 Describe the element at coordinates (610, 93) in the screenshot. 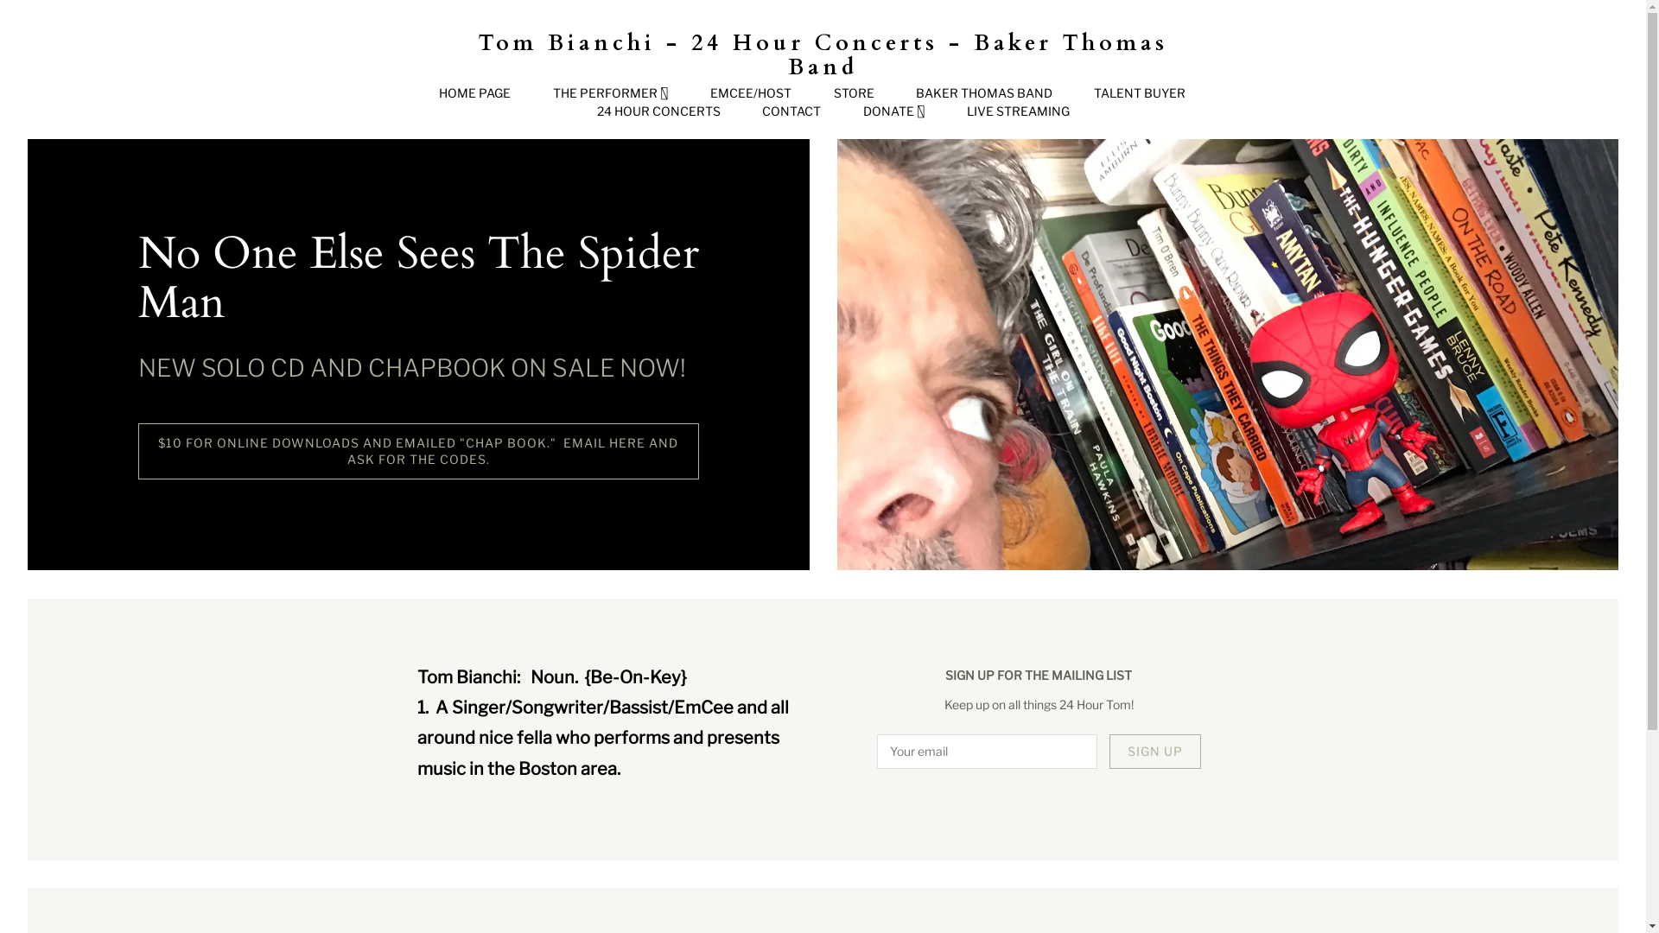

I see `'THE PERFORMER'` at that location.